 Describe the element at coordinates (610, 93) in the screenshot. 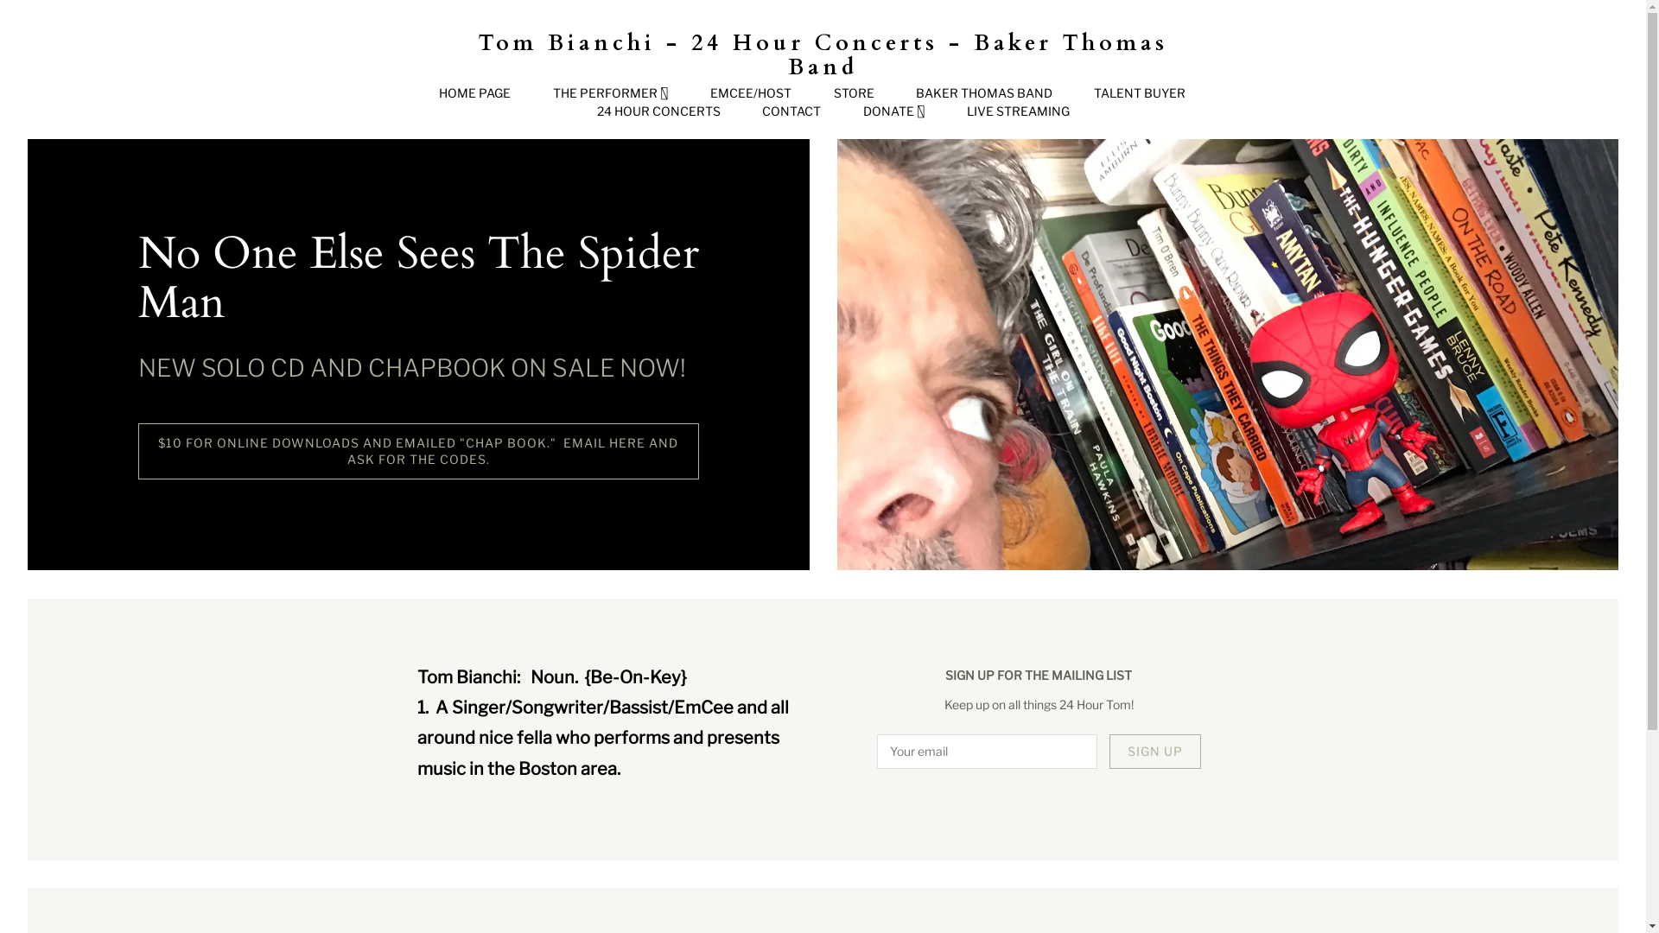

I see `'THE PERFORMER'` at that location.